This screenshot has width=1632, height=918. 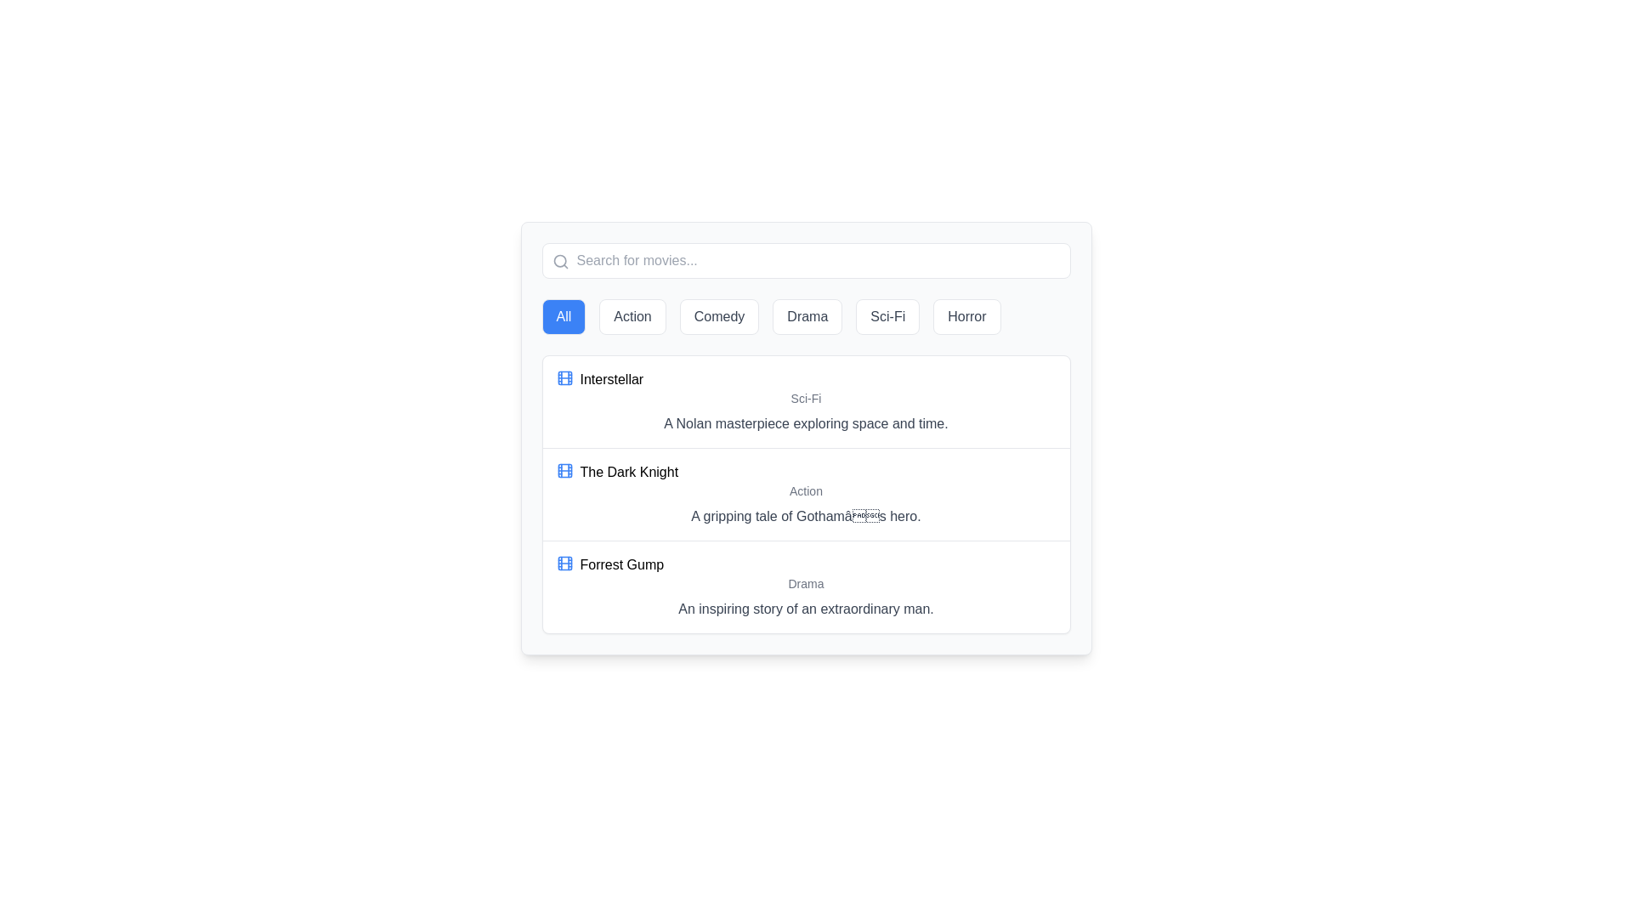 I want to click on text content of the first movie entry in the list, which includes its title, genre, and description, so click(x=805, y=402).